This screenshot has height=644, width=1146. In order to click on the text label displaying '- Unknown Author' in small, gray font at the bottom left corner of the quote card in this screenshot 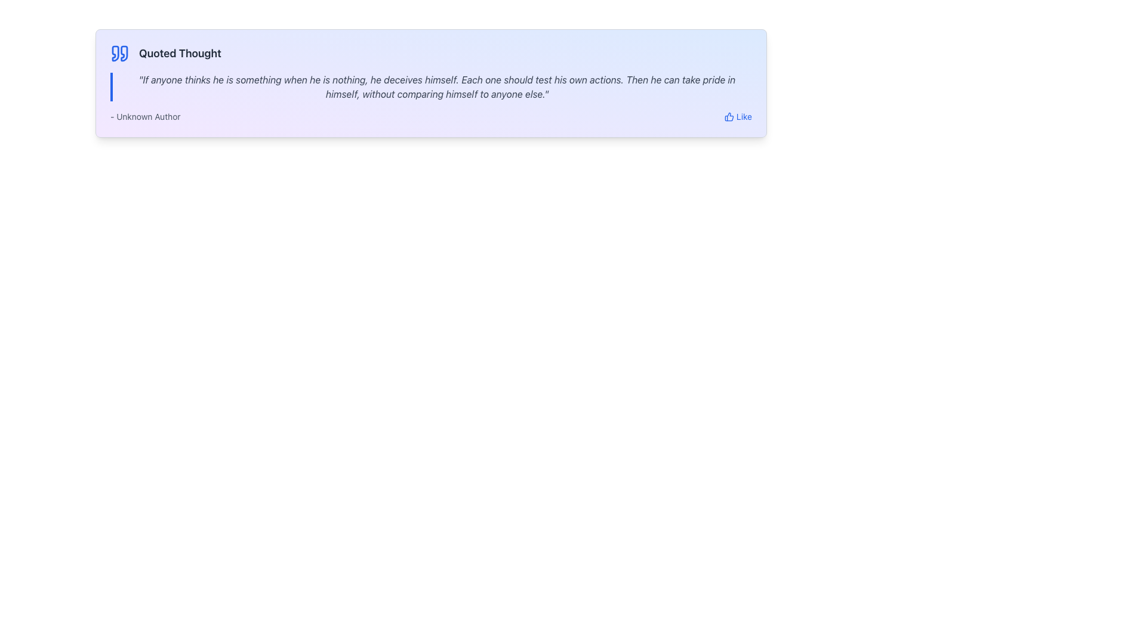, I will do `click(144, 117)`.